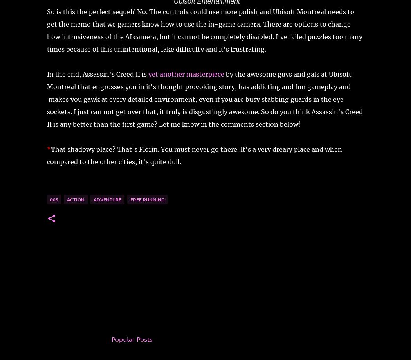 This screenshot has height=360, width=411. What do you see at coordinates (194, 155) in the screenshot?
I see `'That shadowy place? That's Florin. You must never go there. It's a very dreary place and when compared to the other cities, it's quite dull.'` at bounding box center [194, 155].